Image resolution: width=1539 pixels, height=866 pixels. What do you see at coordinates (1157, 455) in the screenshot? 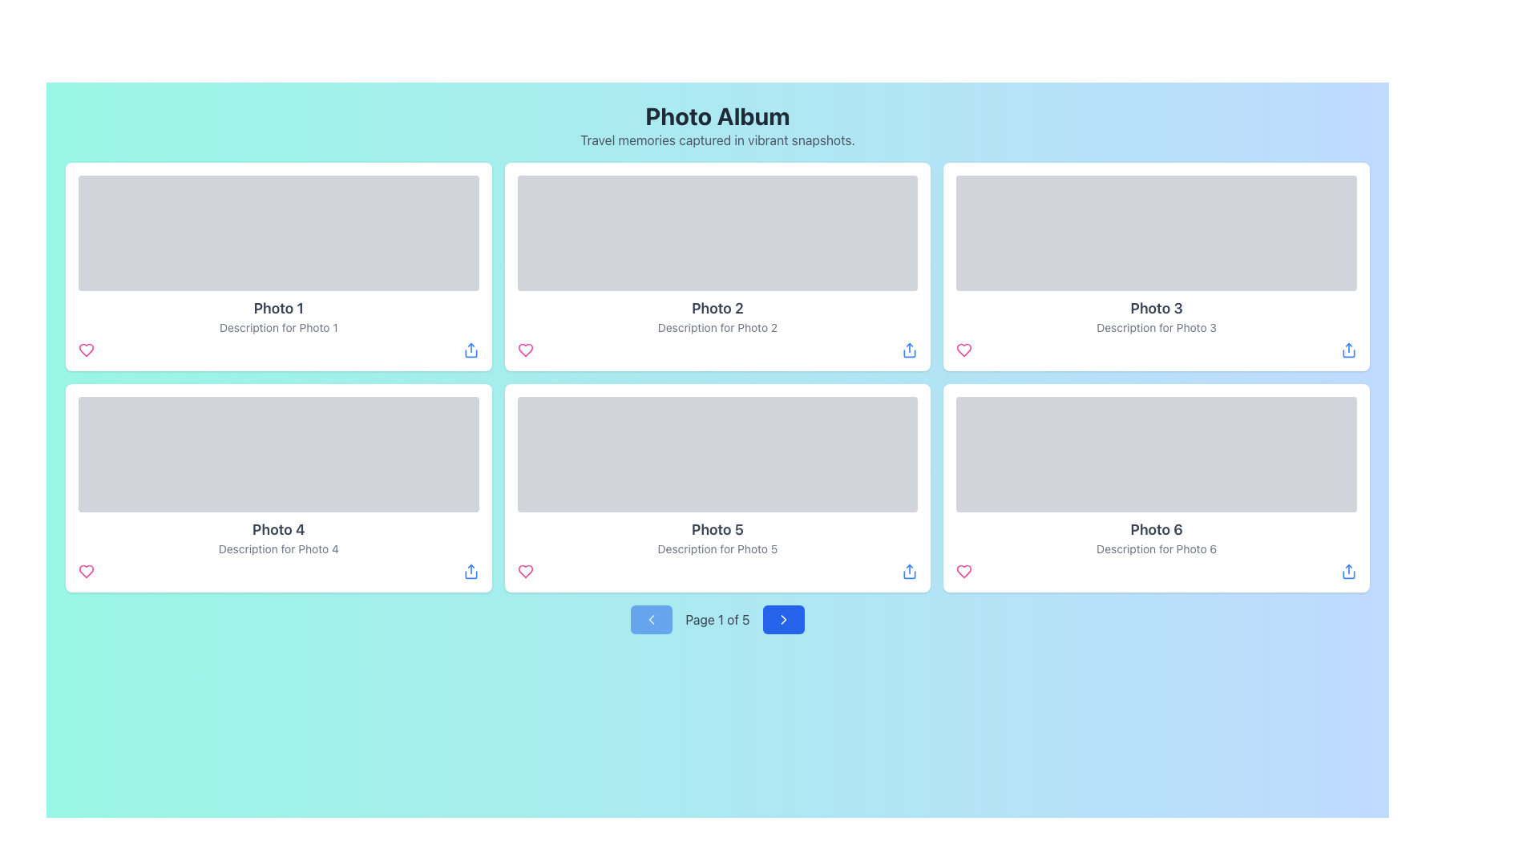
I see `the image placeholder located in the second column, third row of the photo grid, near the top of the card titled 'Photo 6'` at bounding box center [1157, 455].